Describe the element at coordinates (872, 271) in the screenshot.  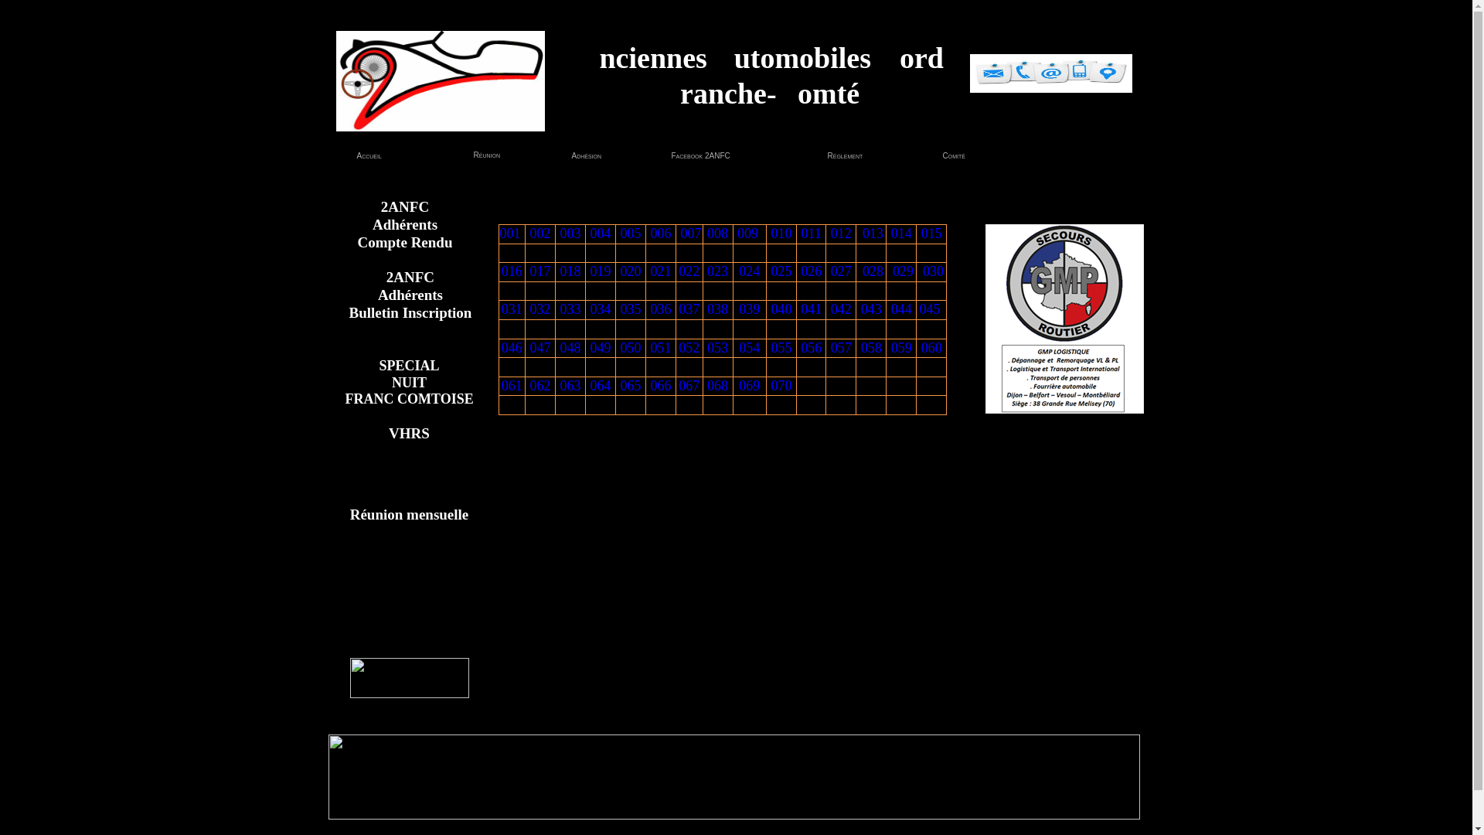
I see `' 028'` at that location.